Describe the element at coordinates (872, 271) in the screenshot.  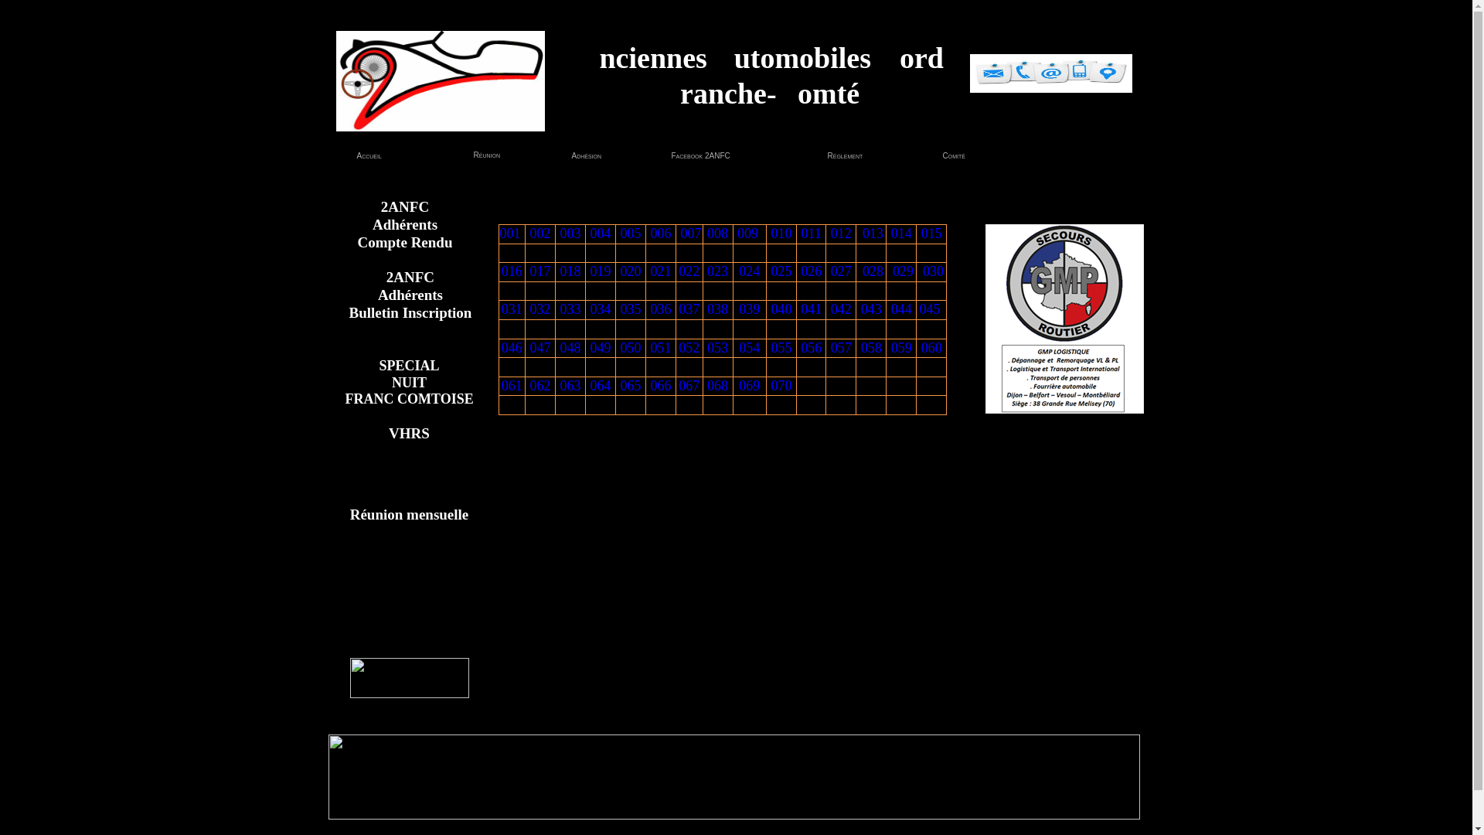
I see `' 028'` at that location.